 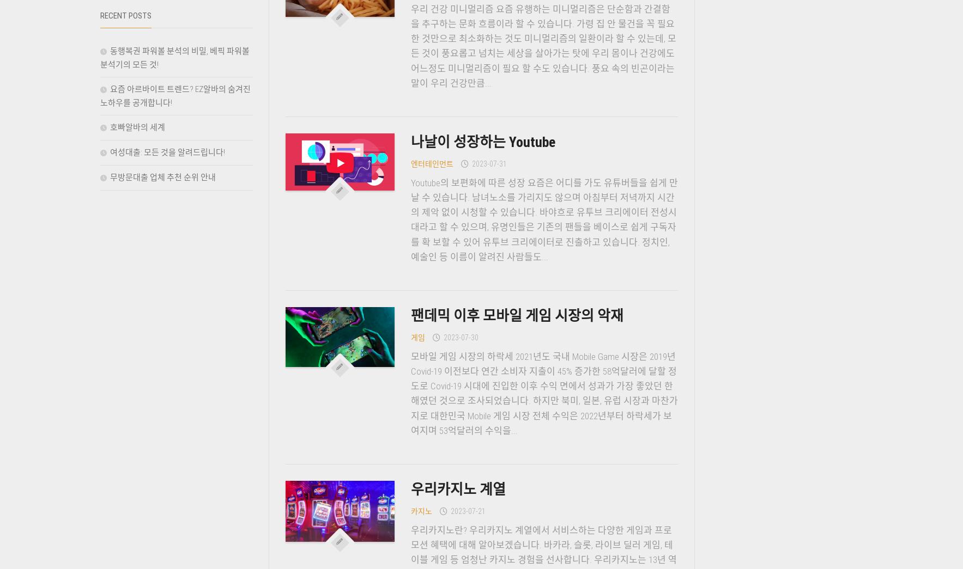 What do you see at coordinates (409, 392) in the screenshot?
I see `'모바일 게임 시장의 하락세 2021년도 국내 Mobile Game 시장은 2019년 Covid-19 이전보다 연간 소비자 지출이 45% 증가한 58억달러에 달할 정도로 Covid-19 시대에 진입한 이후 수익 면에서 성과가 가장 좋았던 한 해였던 것으로 조사되었습니다. 하지만 북미, 일본, 유럽 시장과 마찬가지로 대한민국 Mobile 게임 시장 전체 수익은 2022년부터 하락세가 보여지며 53억달러의 수익을...'` at bounding box center [409, 392].